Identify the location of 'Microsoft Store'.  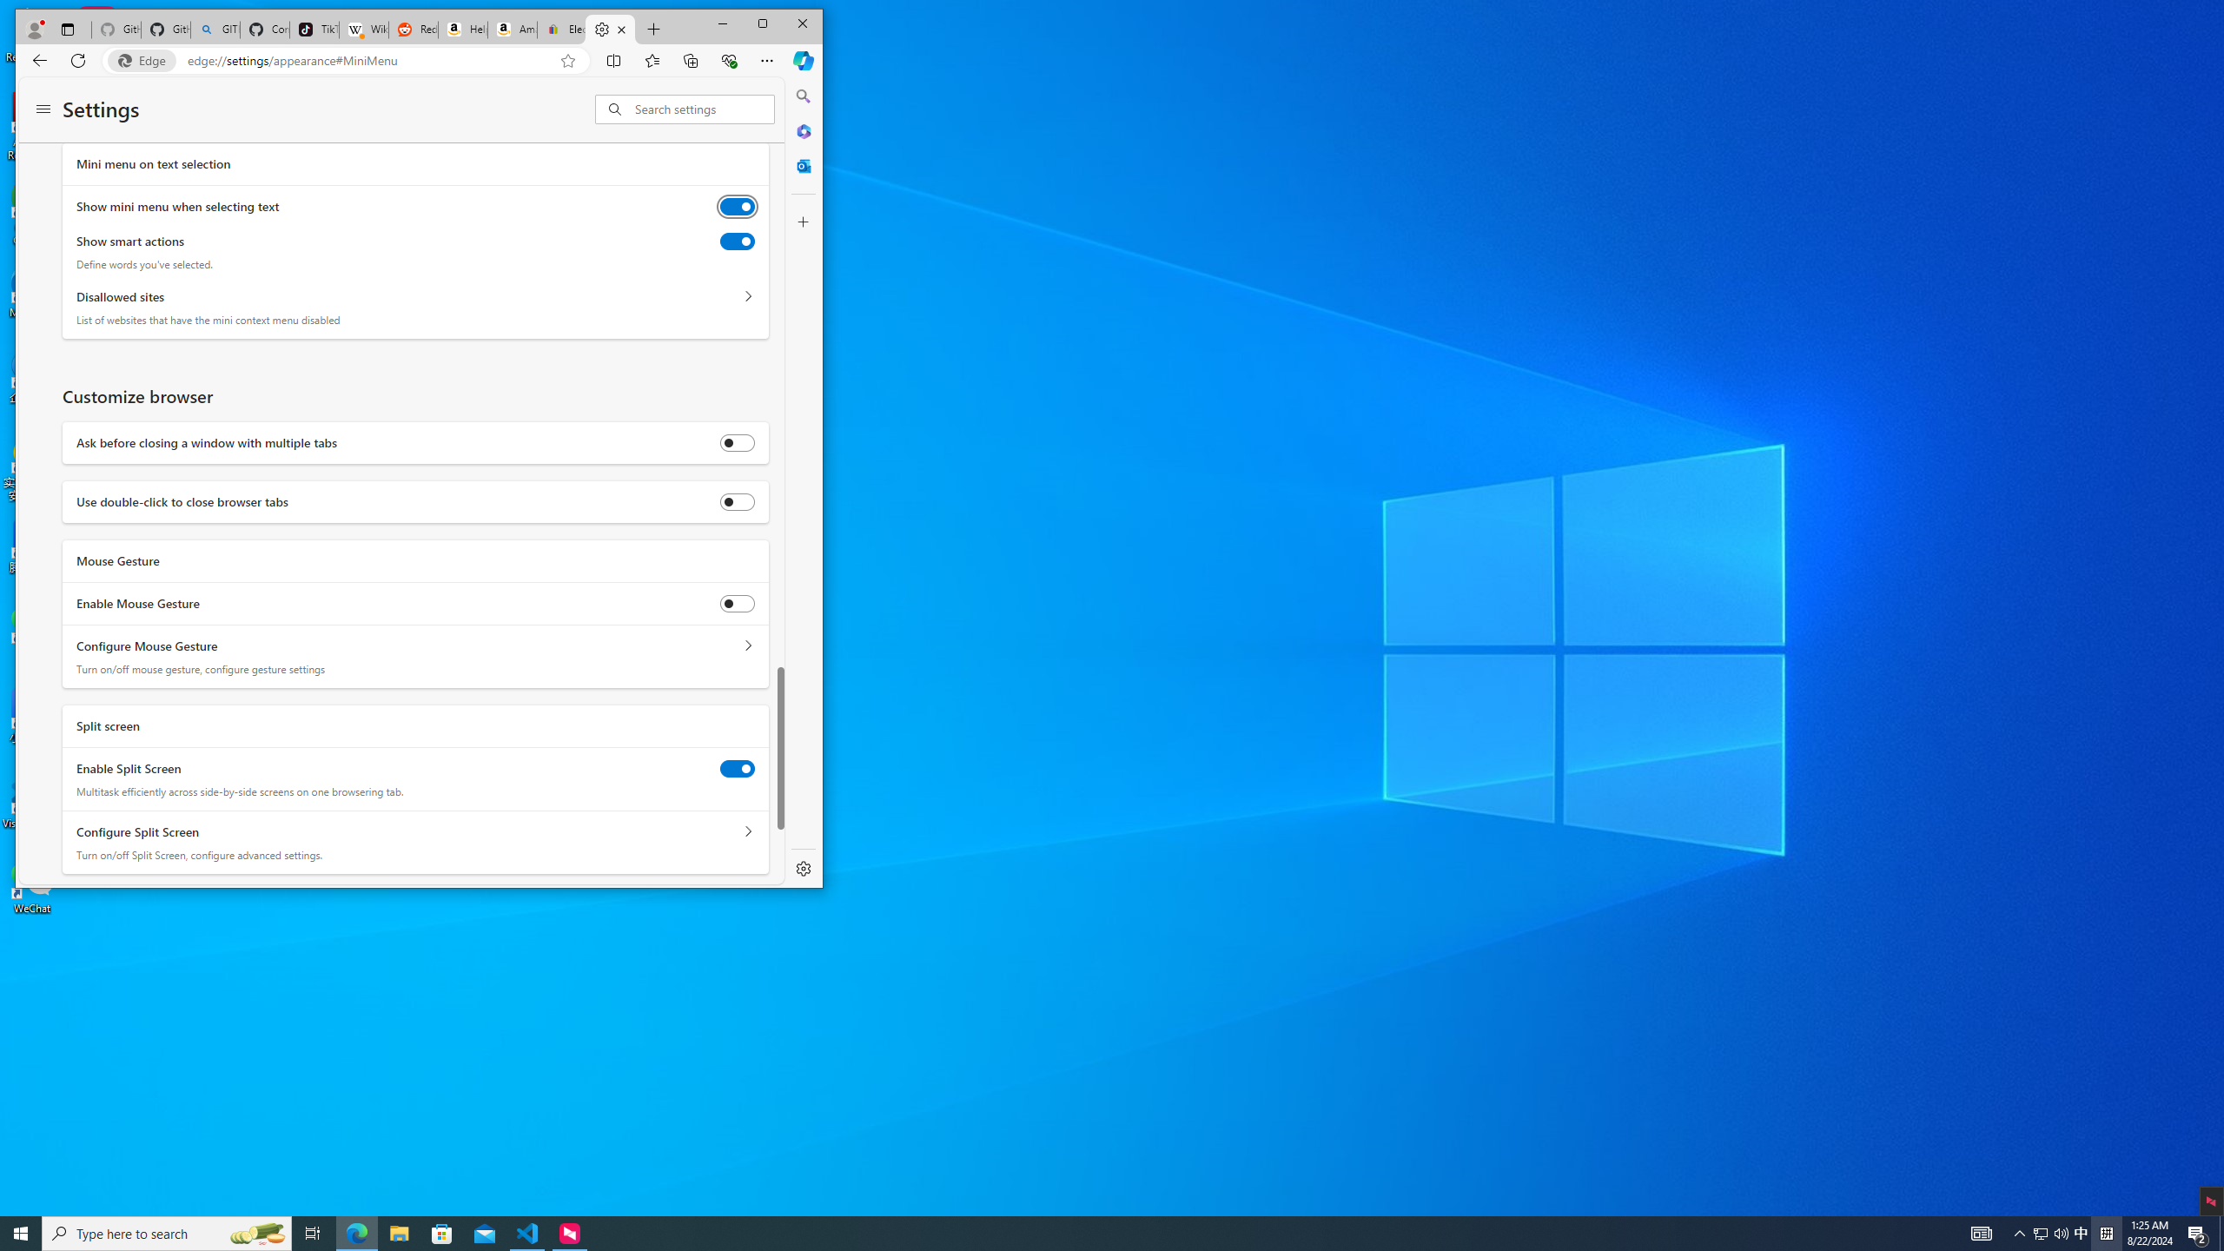
(442, 1232).